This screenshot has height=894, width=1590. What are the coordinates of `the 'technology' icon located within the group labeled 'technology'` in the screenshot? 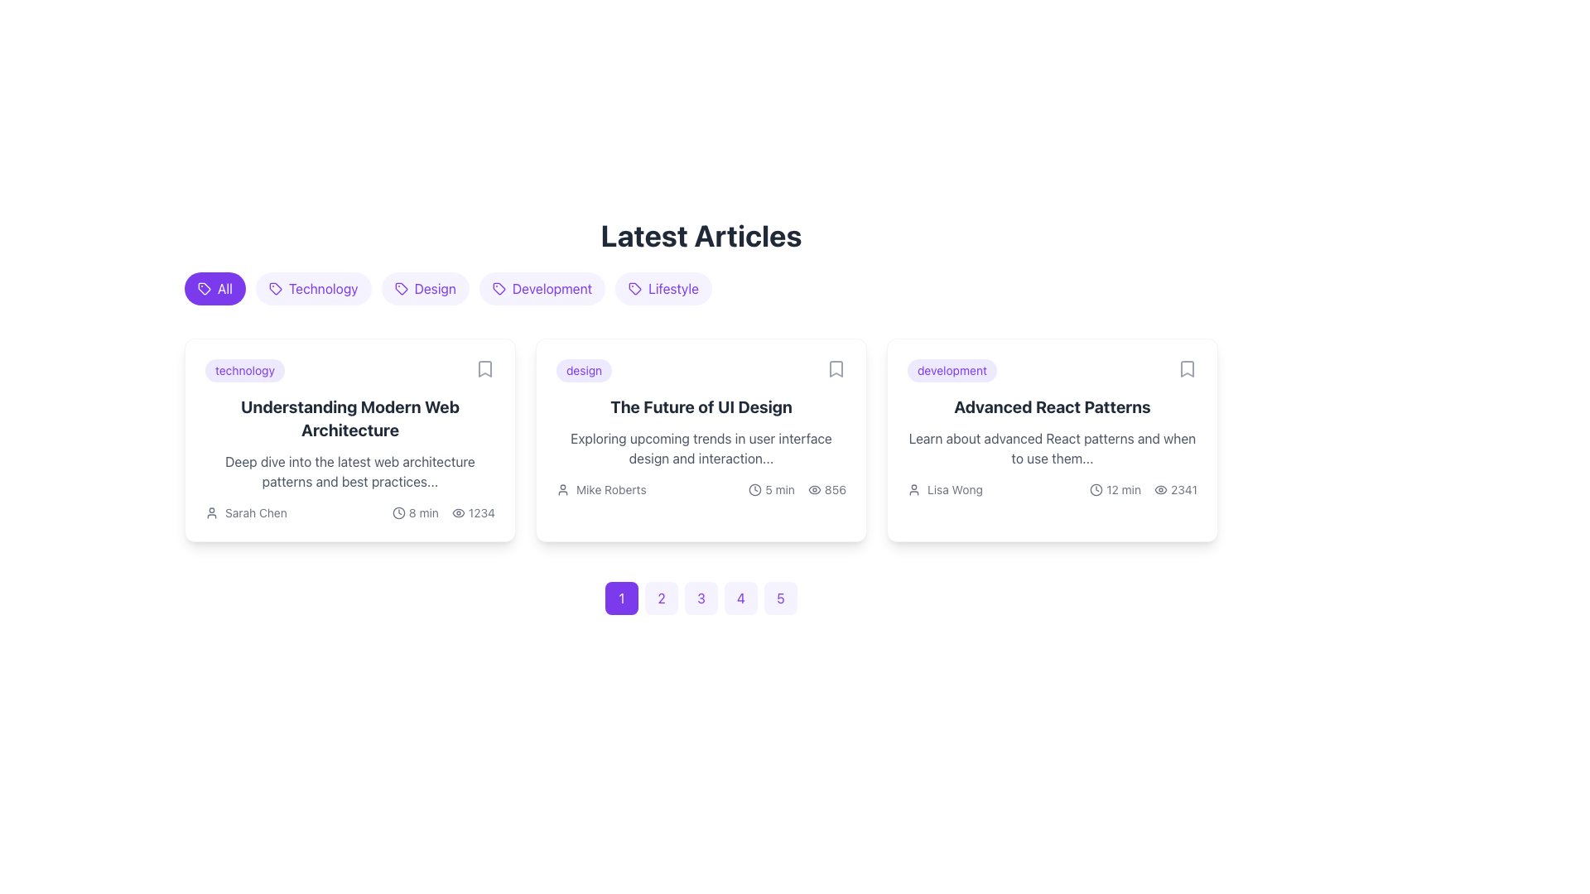 It's located at (275, 287).